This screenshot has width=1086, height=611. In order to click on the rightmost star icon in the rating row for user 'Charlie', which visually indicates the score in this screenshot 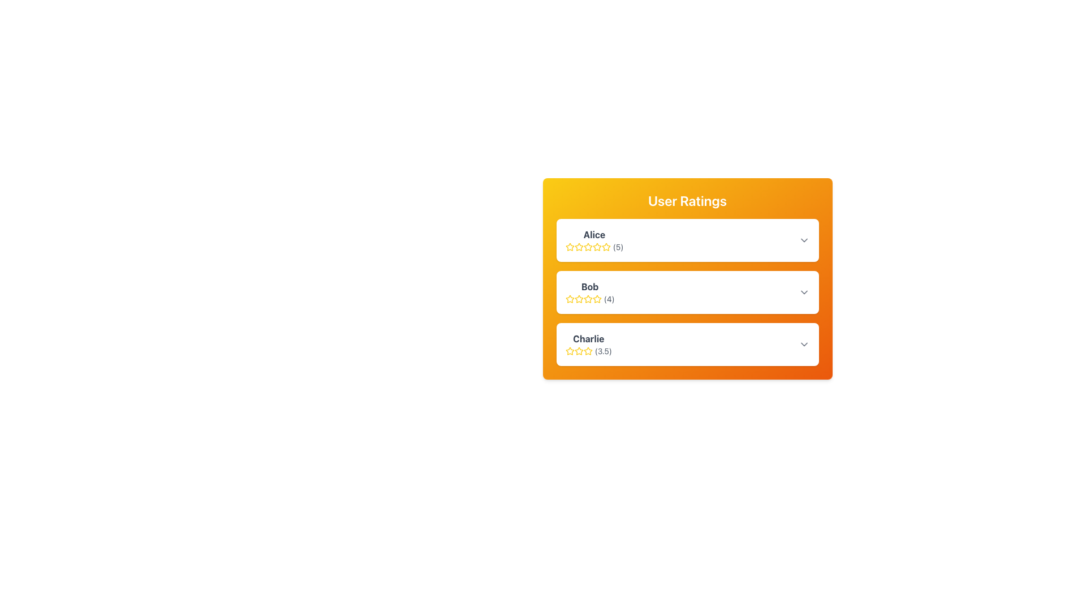, I will do `click(570, 350)`.